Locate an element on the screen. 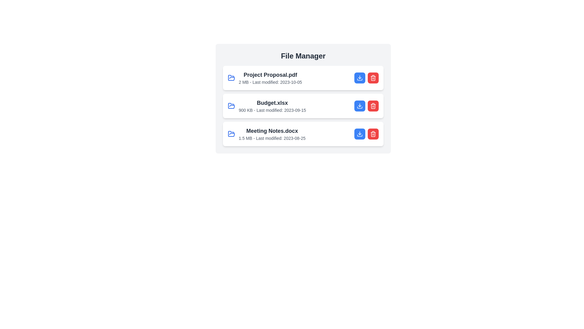 The width and height of the screenshot is (584, 329). the file Budget.xlsx by clicking its corresponding delete button is located at coordinates (373, 105).